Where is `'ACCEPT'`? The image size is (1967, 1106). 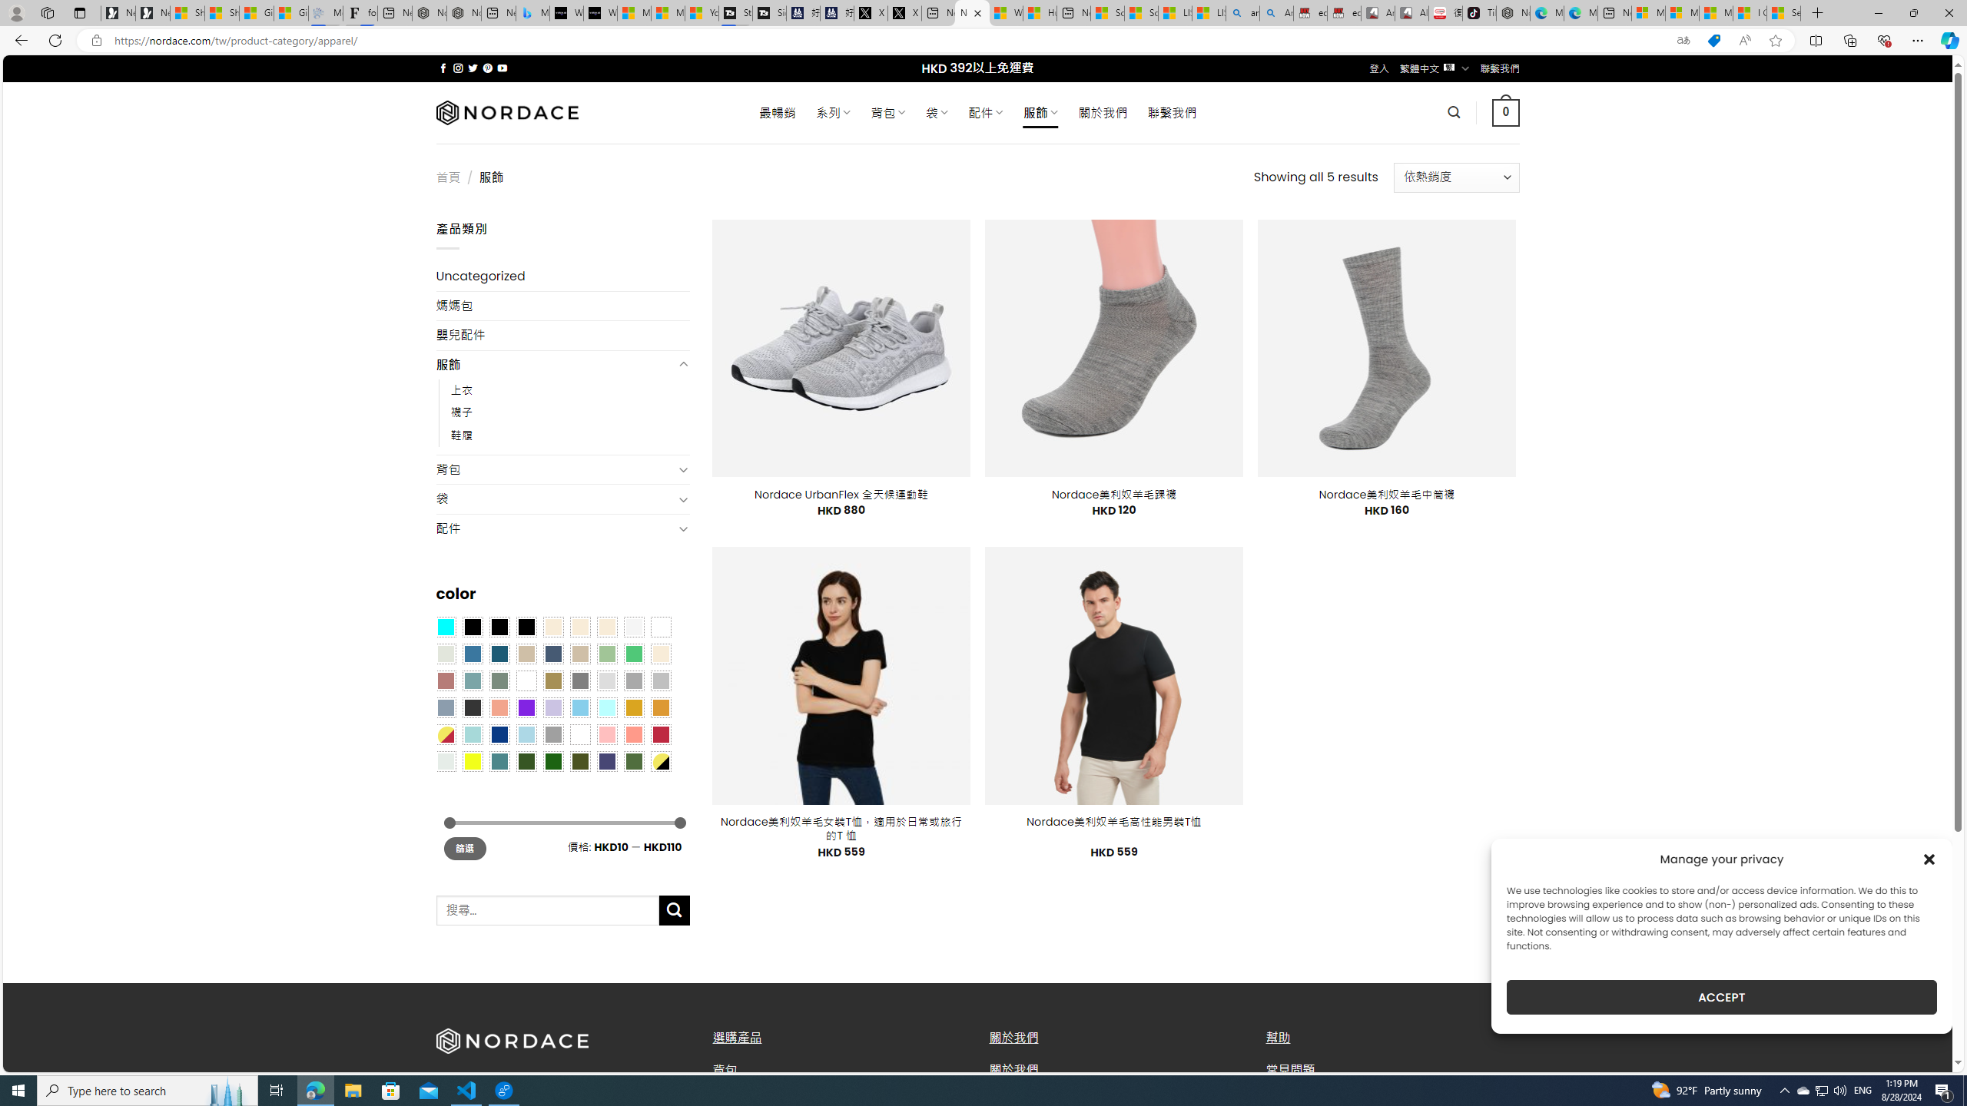 'ACCEPT' is located at coordinates (1722, 997).